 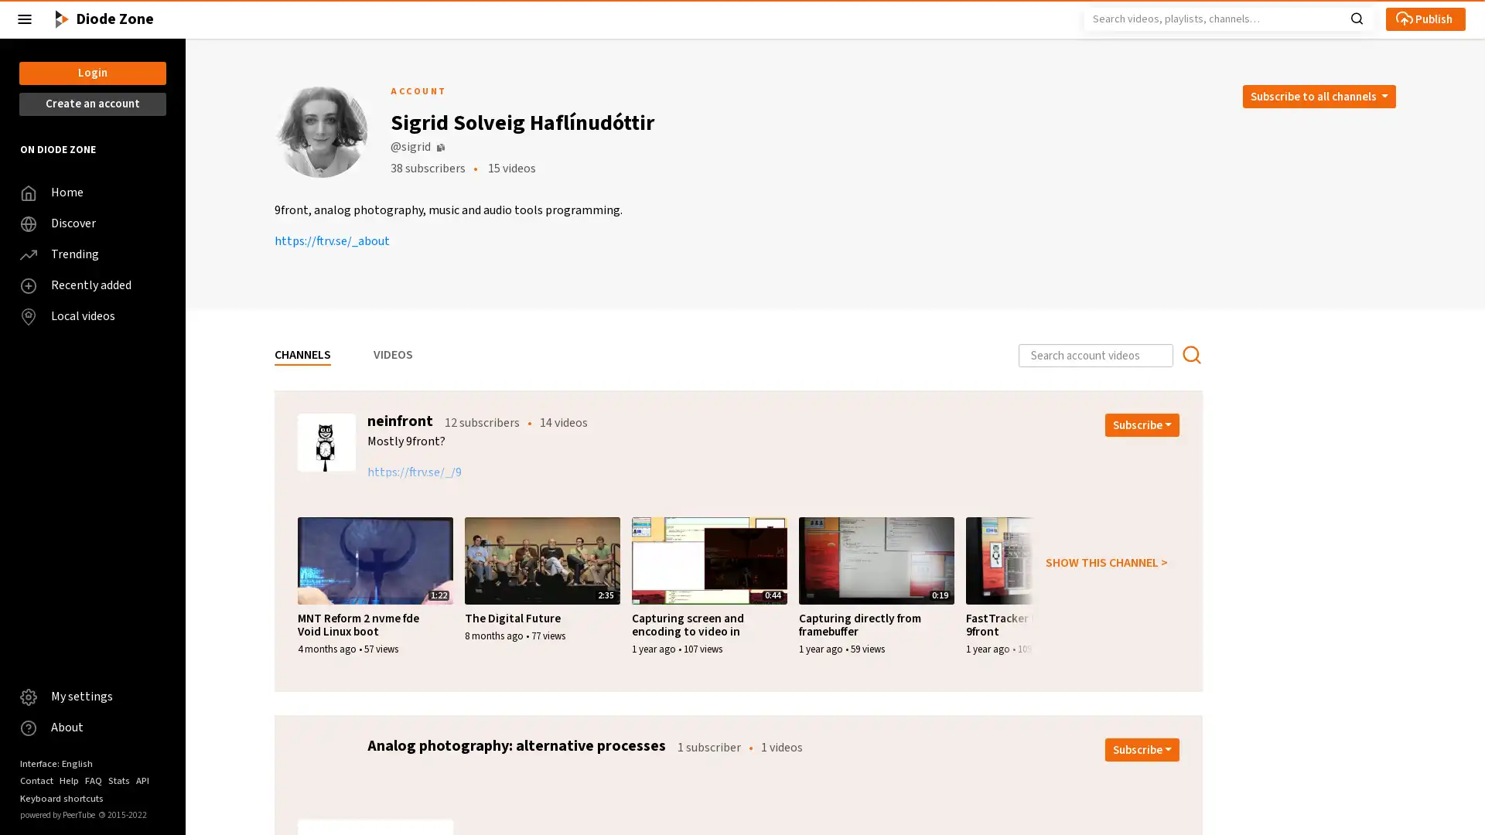 I want to click on Open subscription dropdown, so click(x=1317, y=96).